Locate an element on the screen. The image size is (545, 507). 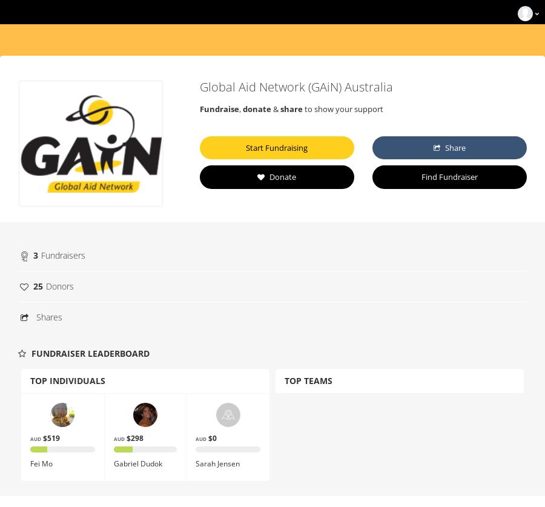
'to show your support' is located at coordinates (342, 108).